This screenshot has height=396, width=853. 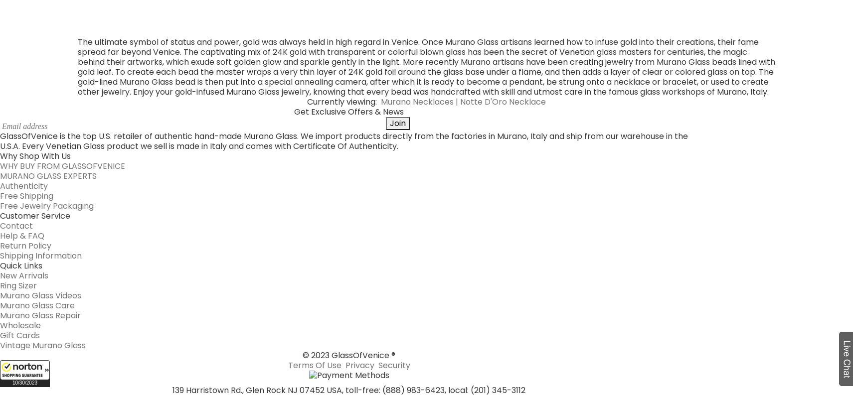 I want to click on 'Shipping Information', so click(x=40, y=72).